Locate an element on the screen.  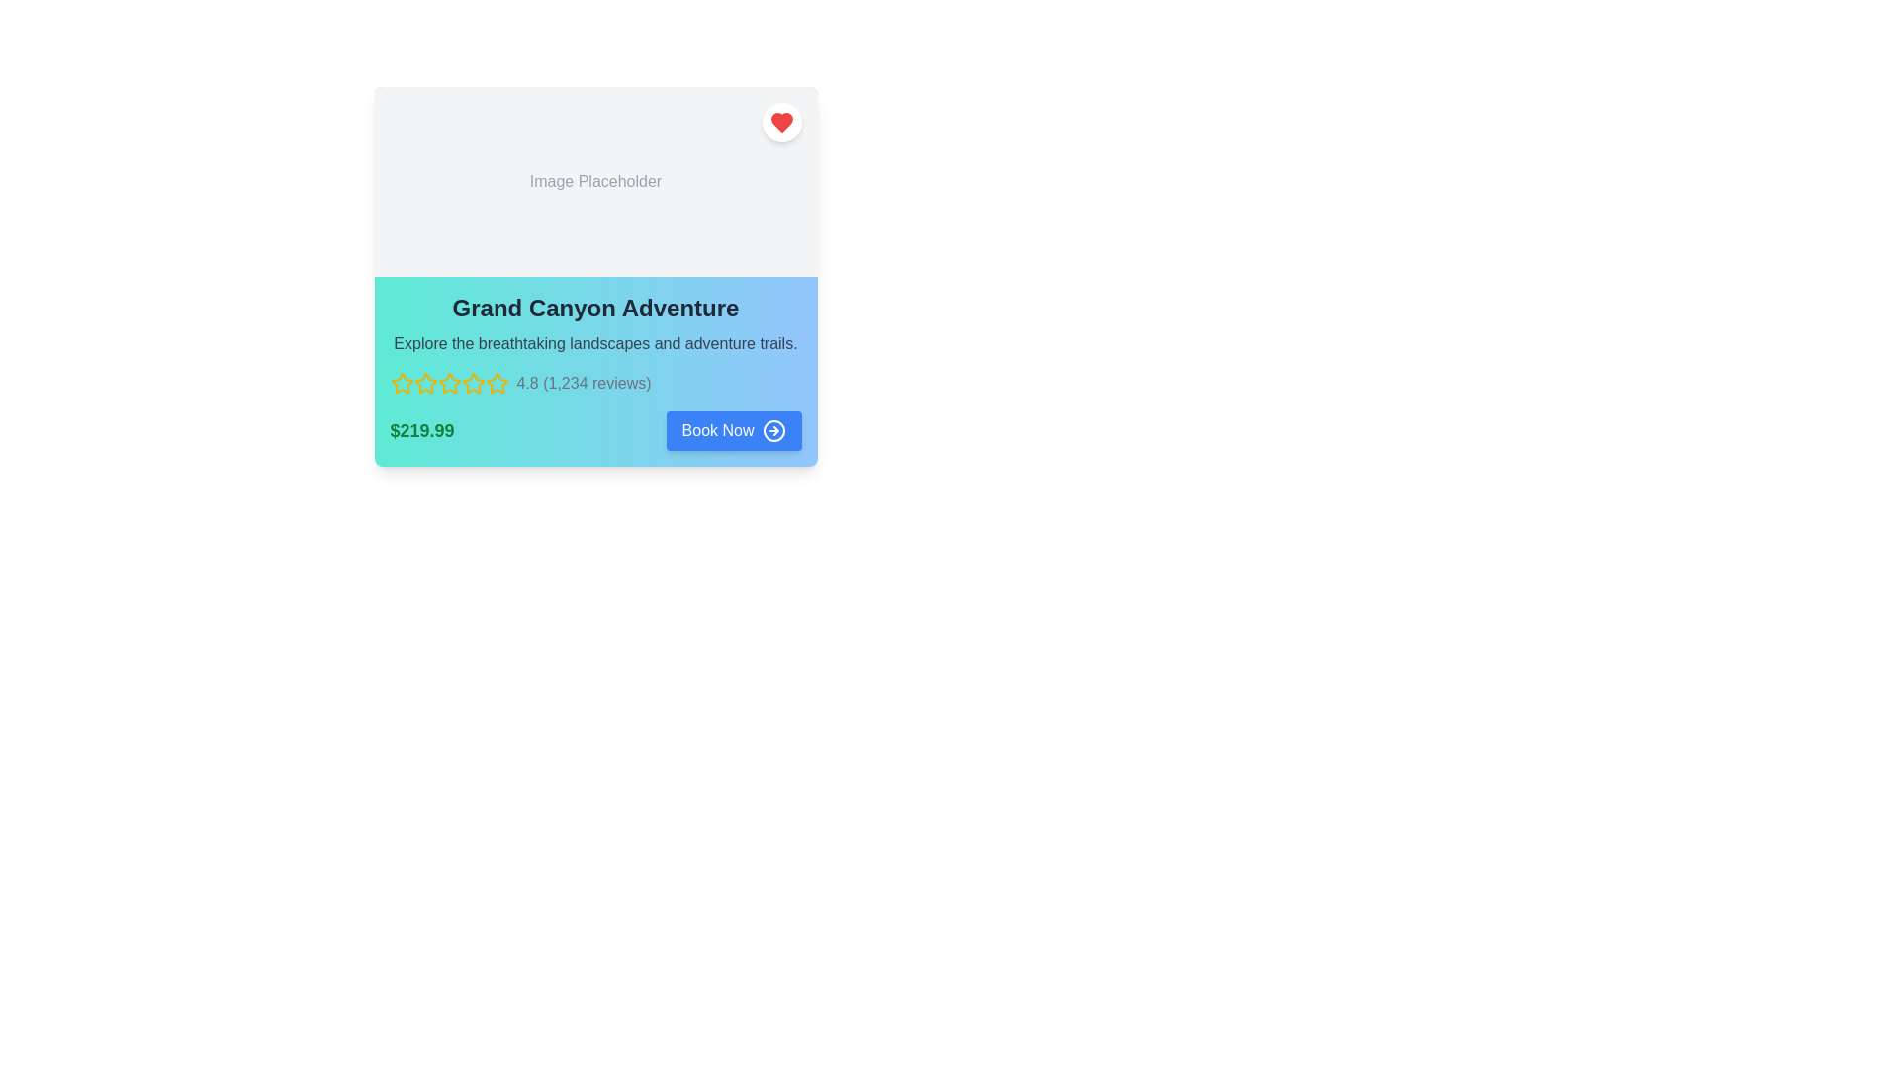
the yellow outlined star icon with a transparent interior, which is the first in a row of five stars used for ratings beneath the title 'Grand Canyon Adventure' is located at coordinates (401, 384).